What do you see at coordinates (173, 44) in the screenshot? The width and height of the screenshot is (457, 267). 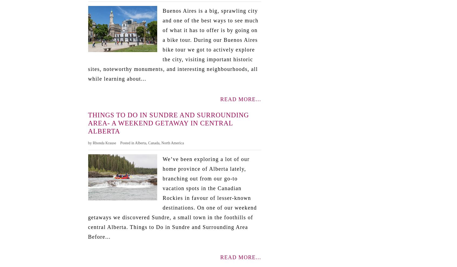 I see `'Buenos Aires is a big, sprawling city and one of the best ways to see much of what it has to offer is by going on a bike tour. During our Buenos Aires bike tour we got to actively explore the city, visiting important historic sites, noteworthy monuments, and interesting neighbourhoods, all while learning about...'` at bounding box center [173, 44].